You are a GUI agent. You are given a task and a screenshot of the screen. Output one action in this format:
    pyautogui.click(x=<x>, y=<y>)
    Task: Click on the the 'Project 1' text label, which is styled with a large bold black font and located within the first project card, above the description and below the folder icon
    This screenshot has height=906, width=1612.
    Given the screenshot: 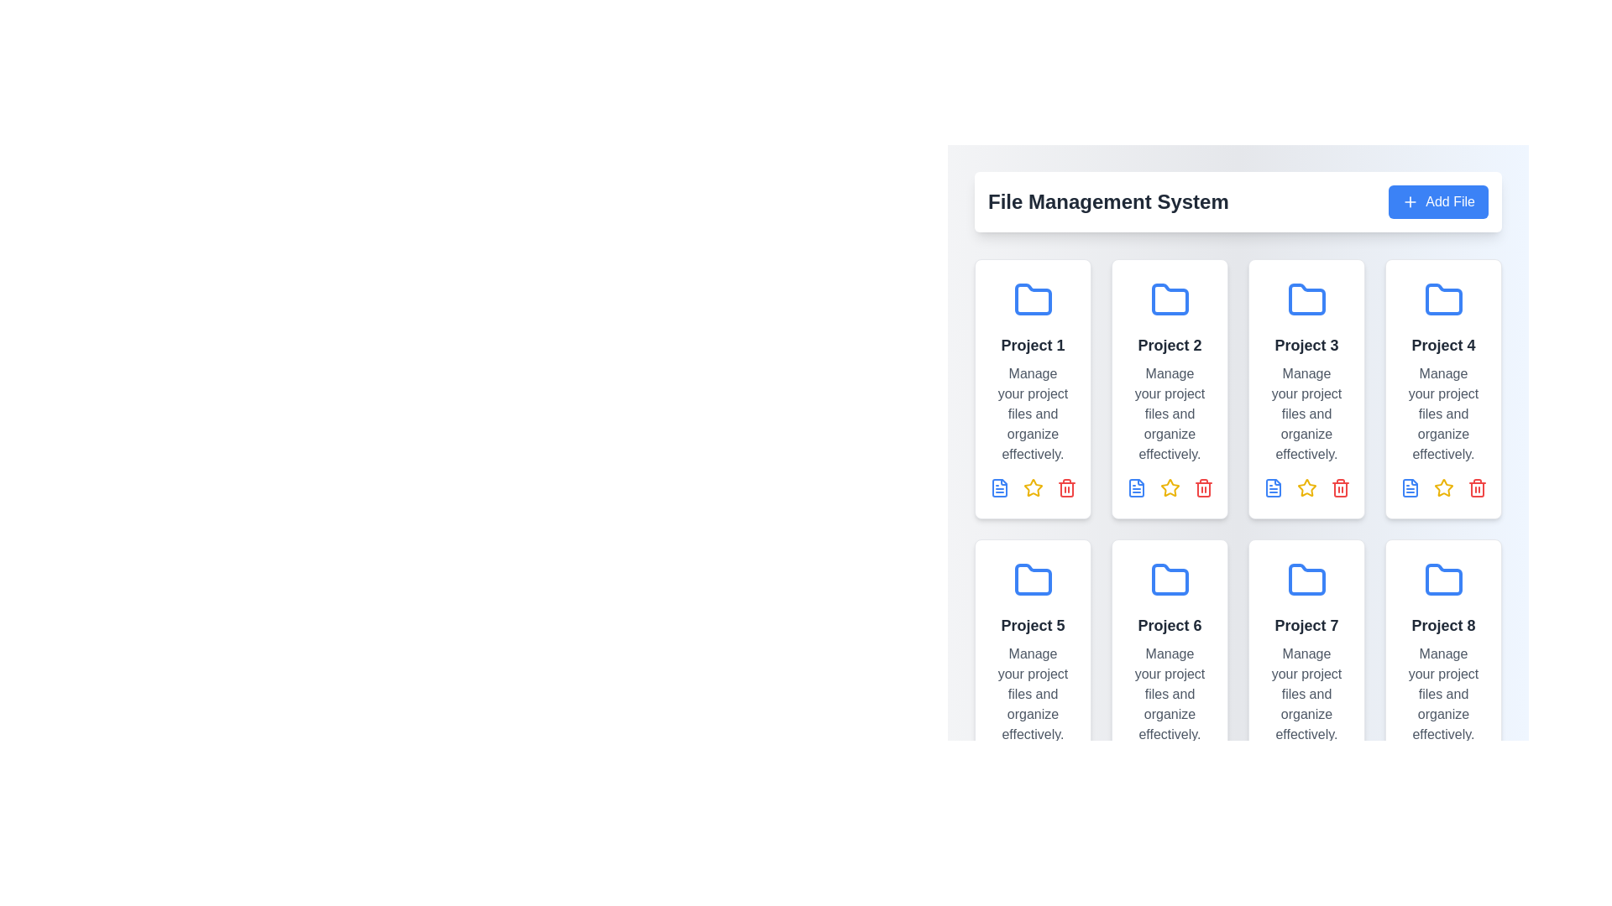 What is the action you would take?
    pyautogui.click(x=1032, y=345)
    